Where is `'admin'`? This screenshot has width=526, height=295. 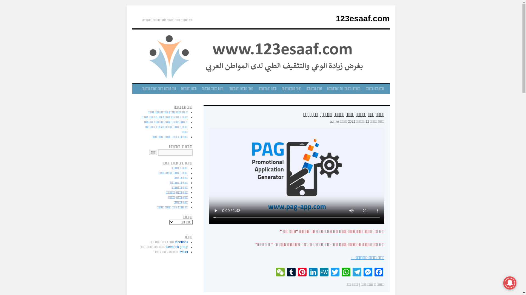
'admin' is located at coordinates (334, 121).